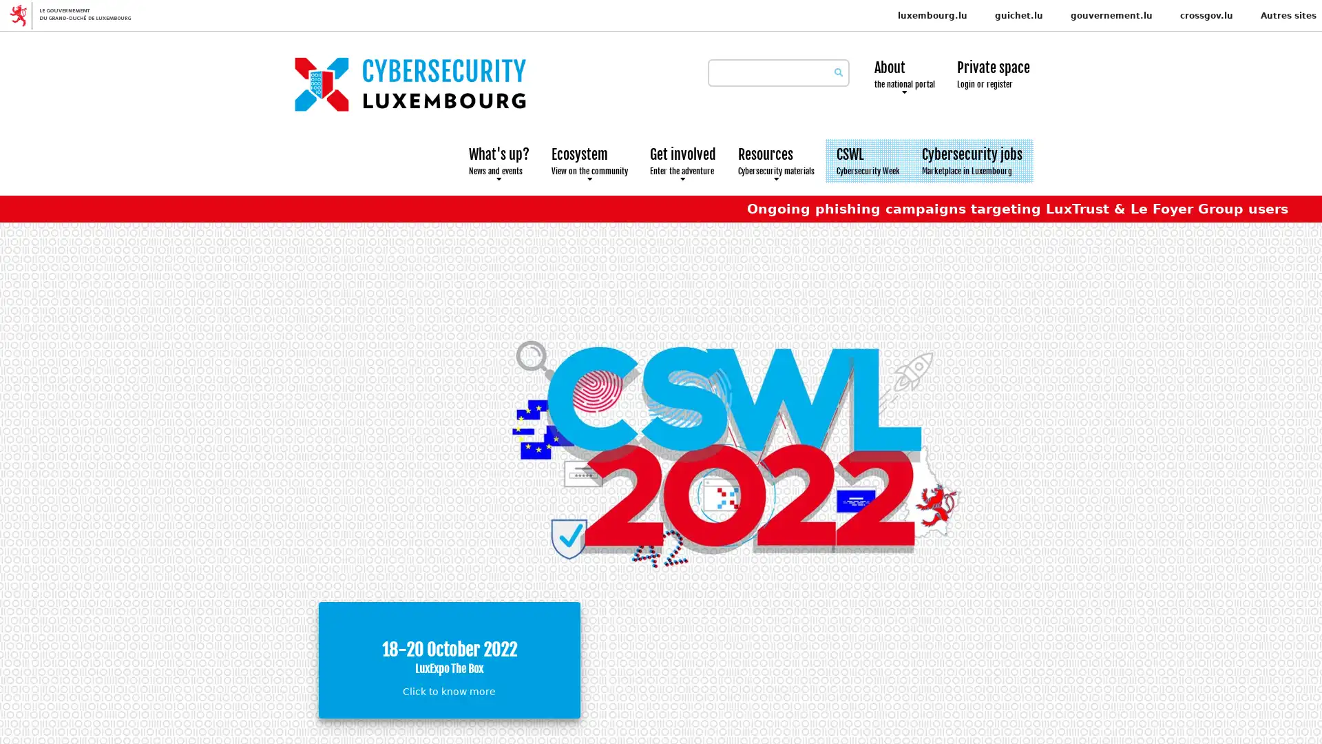 The height and width of the screenshot is (744, 1322). I want to click on Cybersecurity jobs Marketplace in Luxembourg, so click(971, 161).